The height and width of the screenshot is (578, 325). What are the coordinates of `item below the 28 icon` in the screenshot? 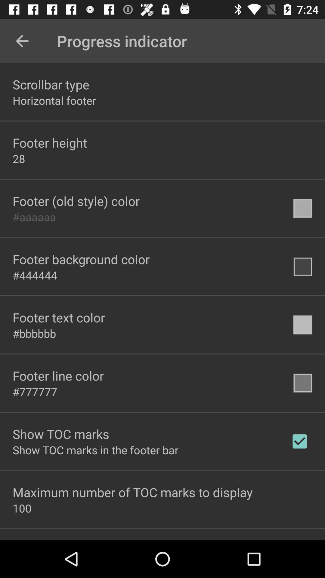 It's located at (76, 201).